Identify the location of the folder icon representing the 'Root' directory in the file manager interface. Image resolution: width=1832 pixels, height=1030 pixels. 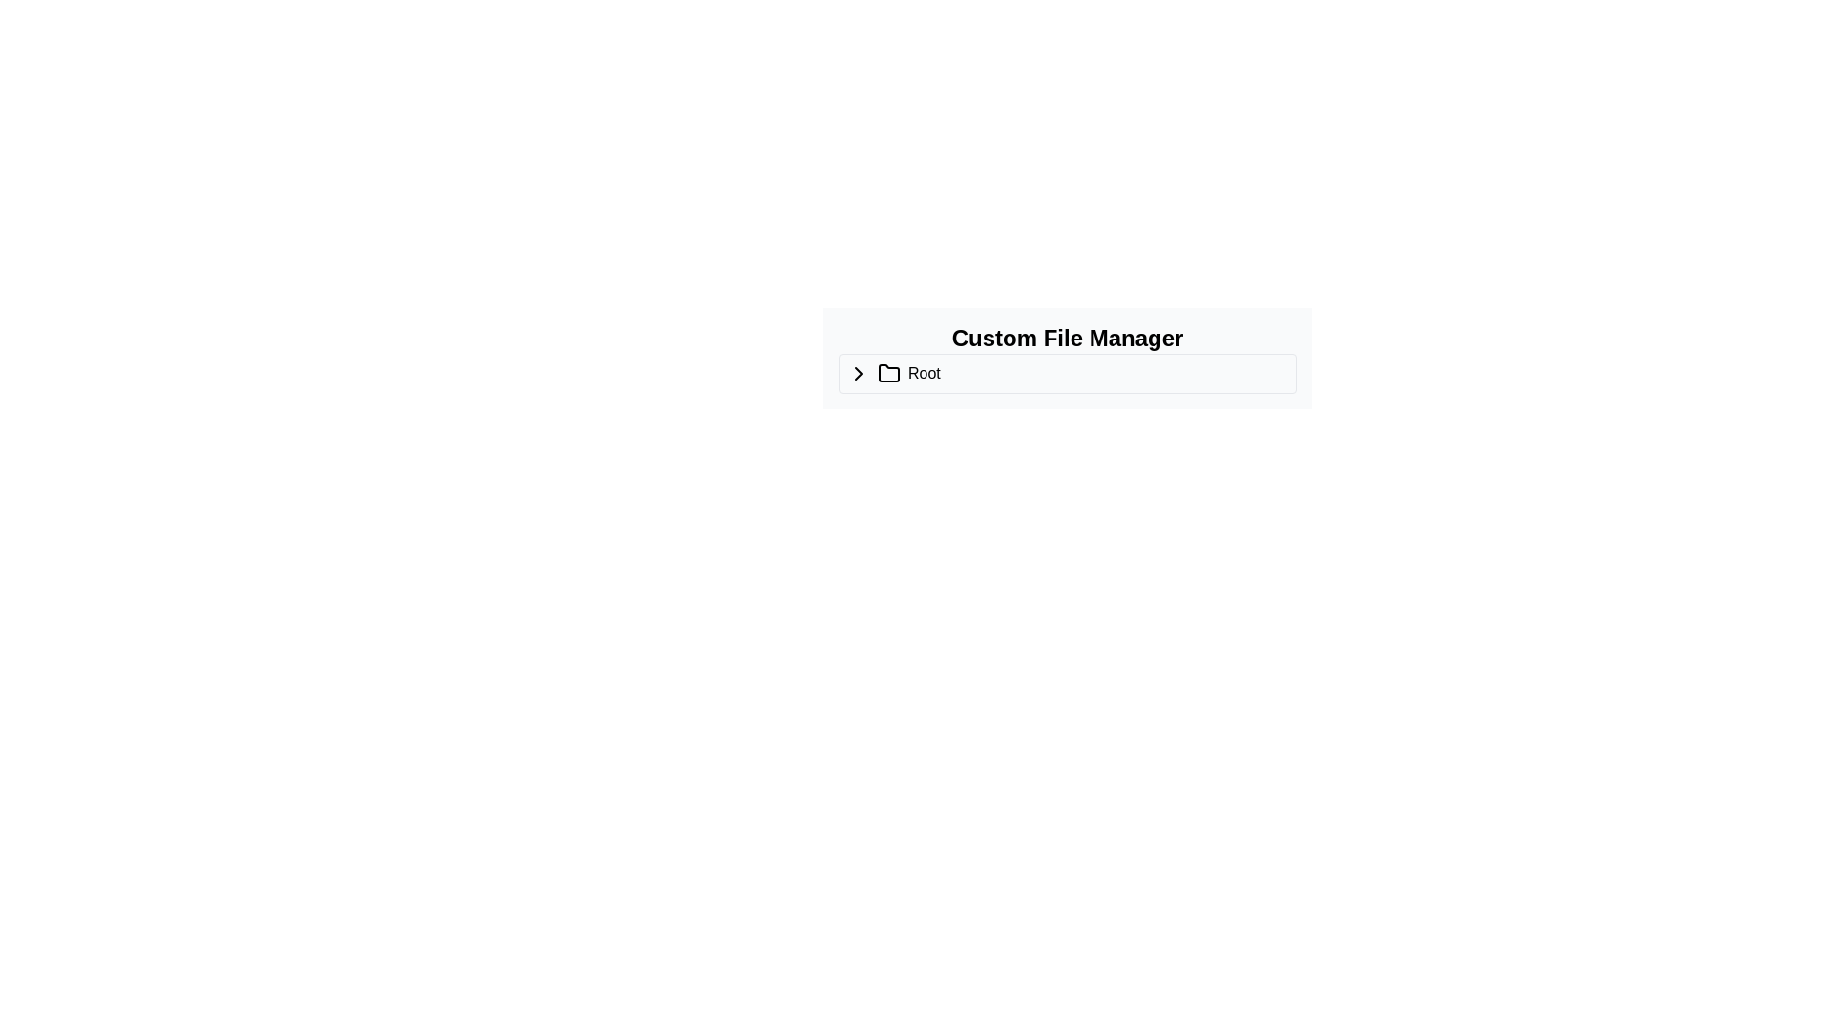
(887, 373).